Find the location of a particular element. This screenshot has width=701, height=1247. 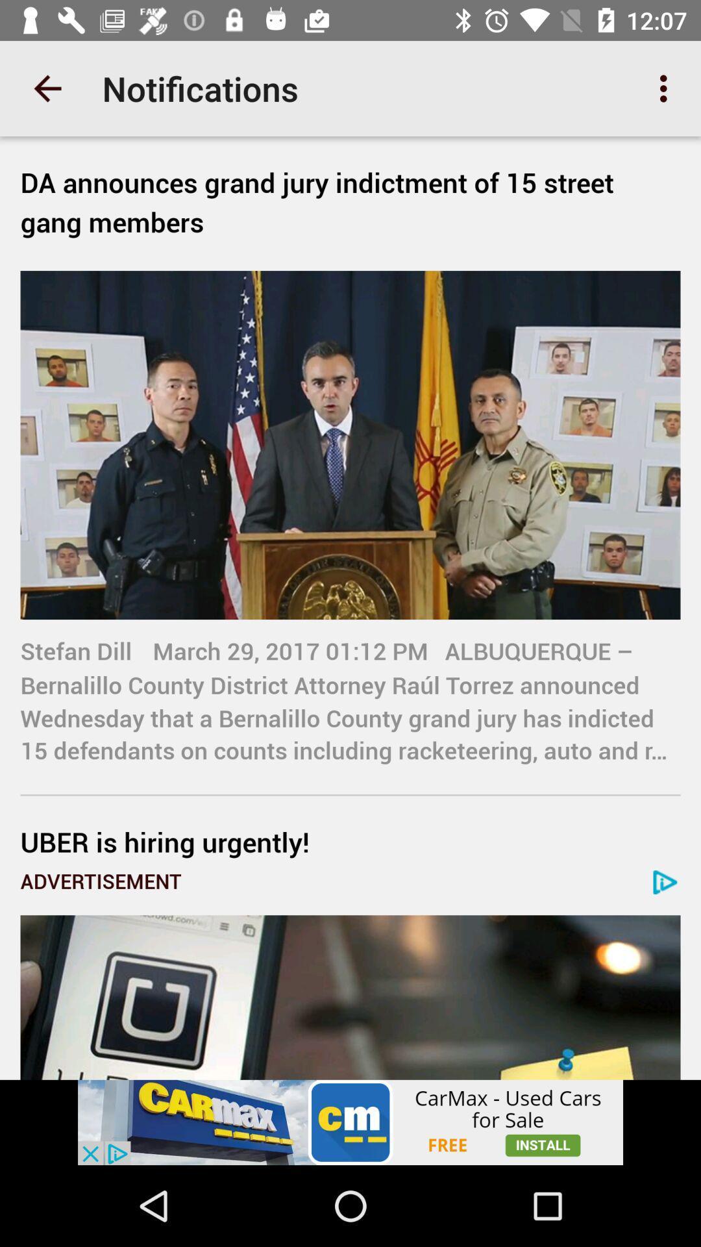

uber is hiring icon is located at coordinates (350, 842).